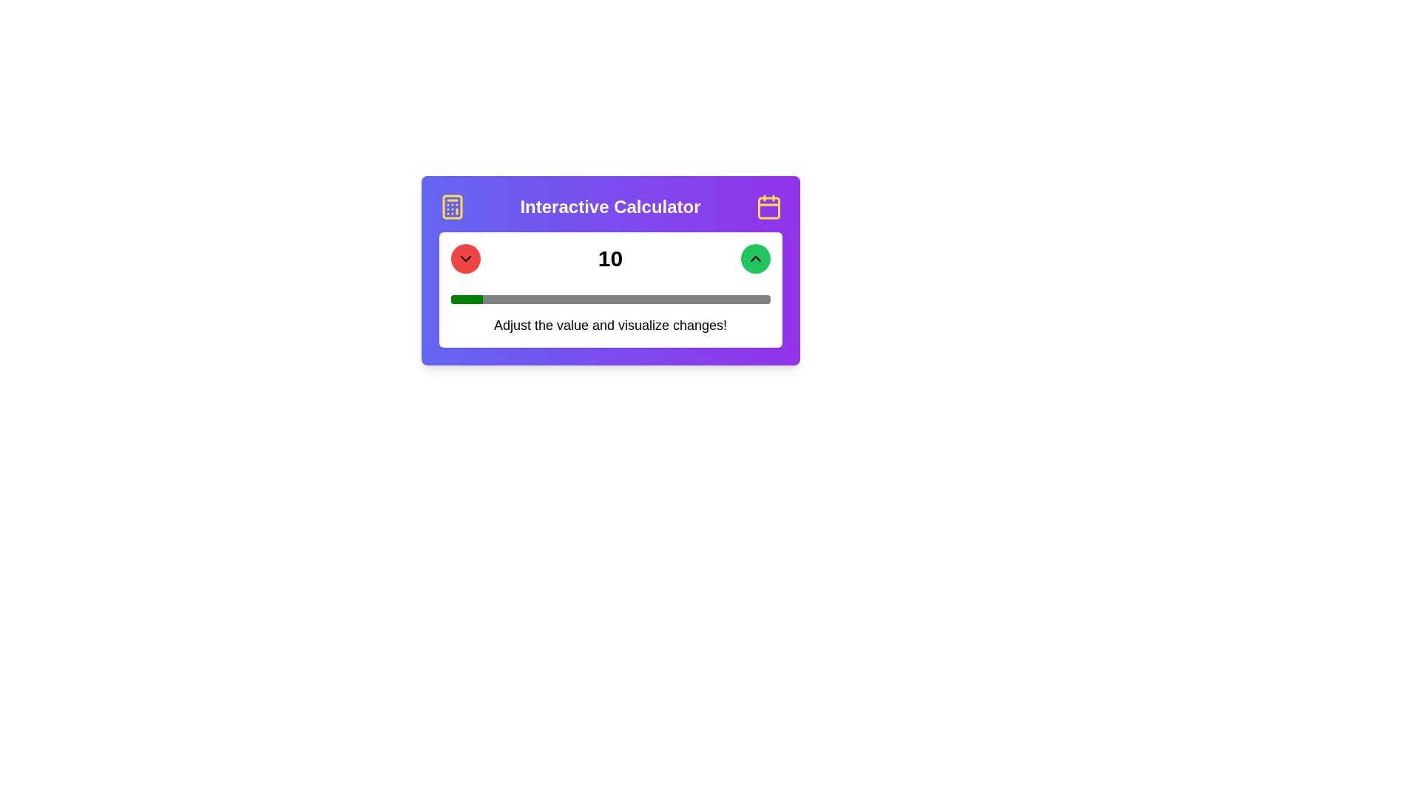 The image size is (1420, 799). Describe the element at coordinates (464, 258) in the screenshot. I see `the circular red button with a downward-pointing arrow icon located to the left of the number display ('10') in the calculator interface to decrease the value` at that location.